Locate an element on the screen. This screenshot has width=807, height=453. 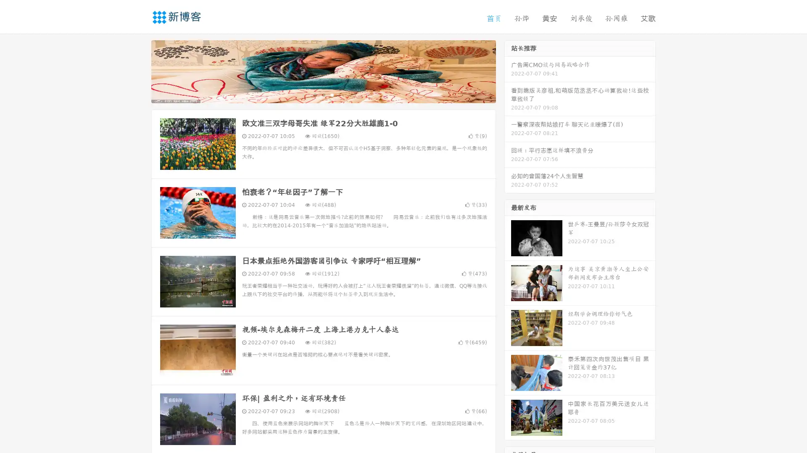
Previous slide is located at coordinates (139, 70).